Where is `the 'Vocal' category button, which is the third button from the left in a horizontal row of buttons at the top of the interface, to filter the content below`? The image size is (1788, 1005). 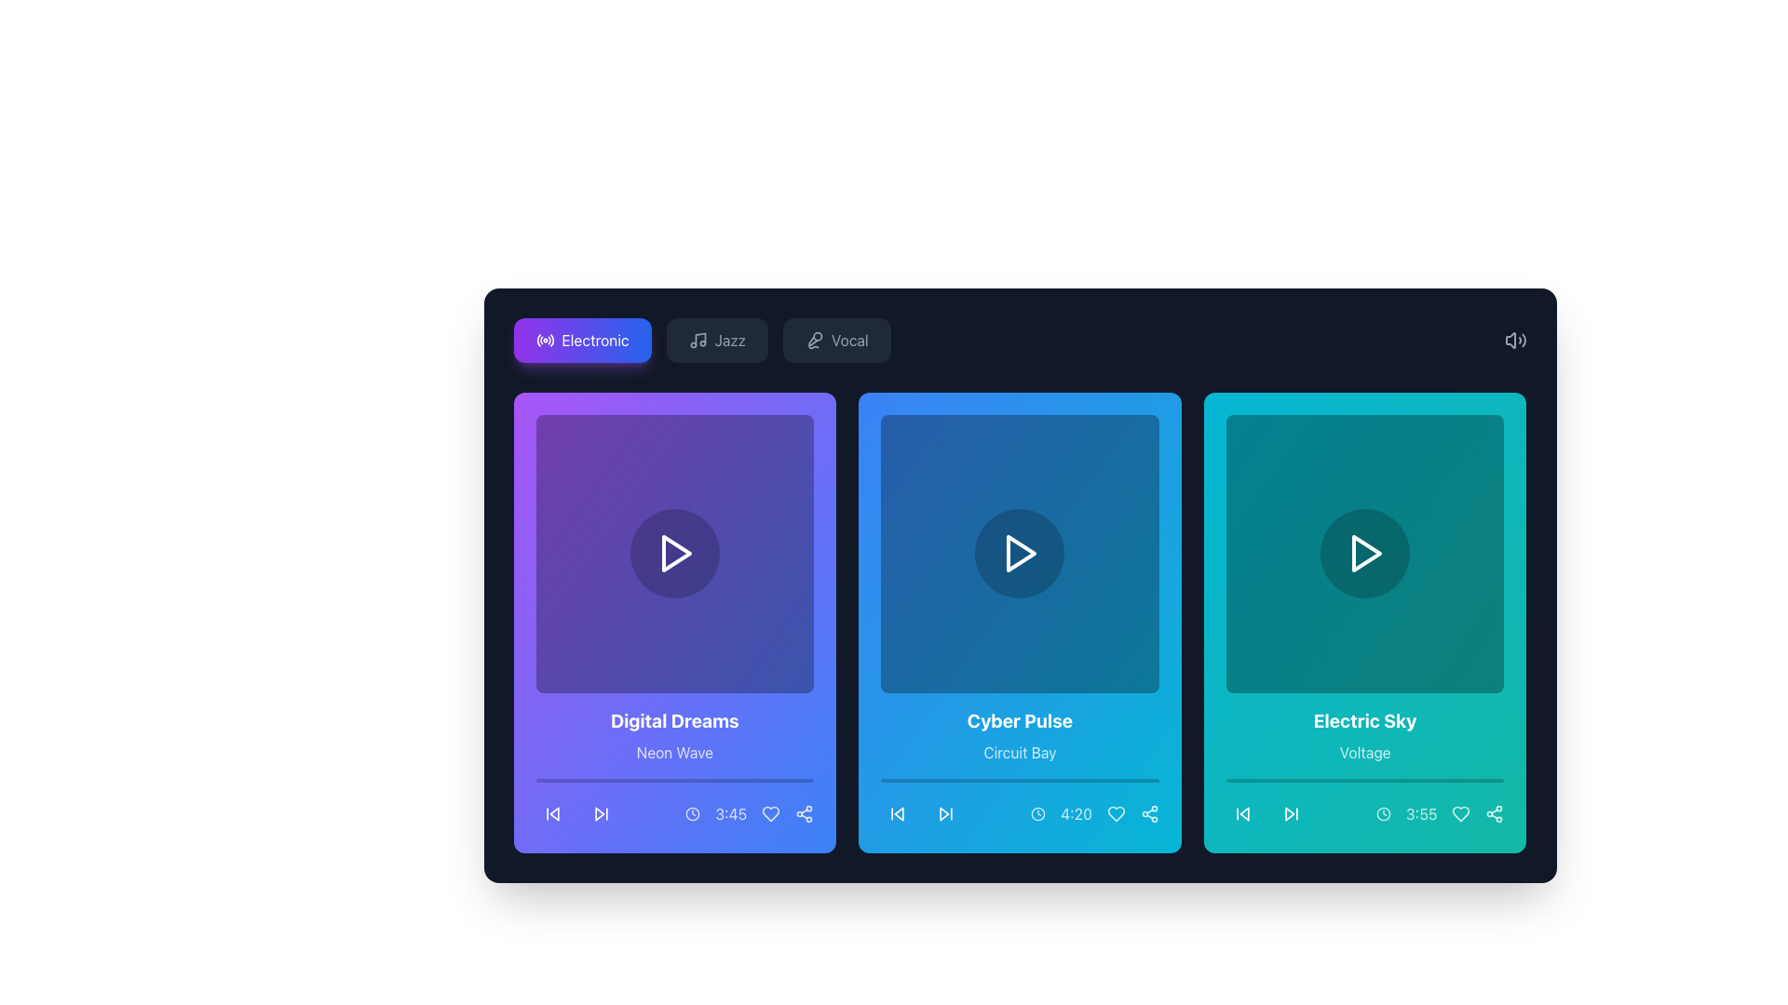
the 'Vocal' category button, which is the third button from the left in a horizontal row of buttons at the top of the interface, to filter the content below is located at coordinates (835, 341).